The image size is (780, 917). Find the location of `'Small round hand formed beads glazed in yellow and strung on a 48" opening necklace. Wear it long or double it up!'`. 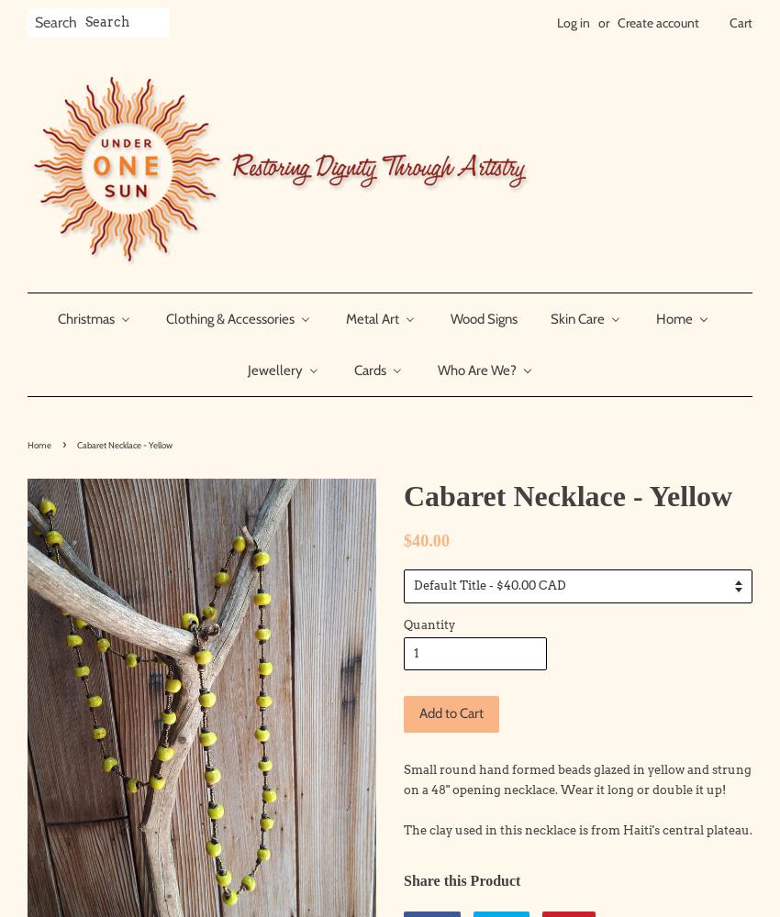

'Small round hand formed beads glazed in yellow and strung on a 48" opening necklace. Wear it long or double it up!' is located at coordinates (576, 778).